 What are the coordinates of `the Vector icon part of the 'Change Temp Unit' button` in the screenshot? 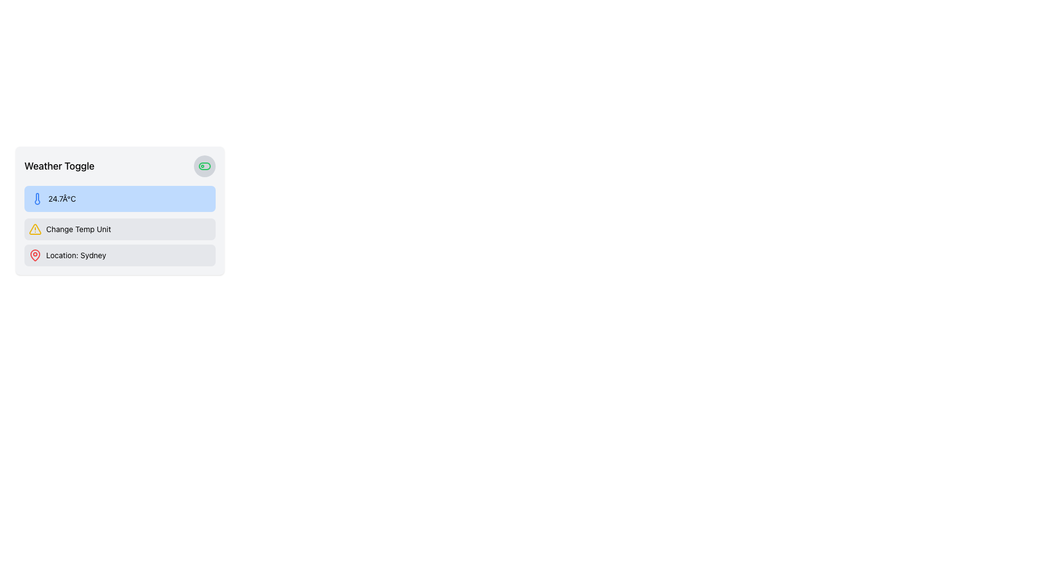 It's located at (35, 228).